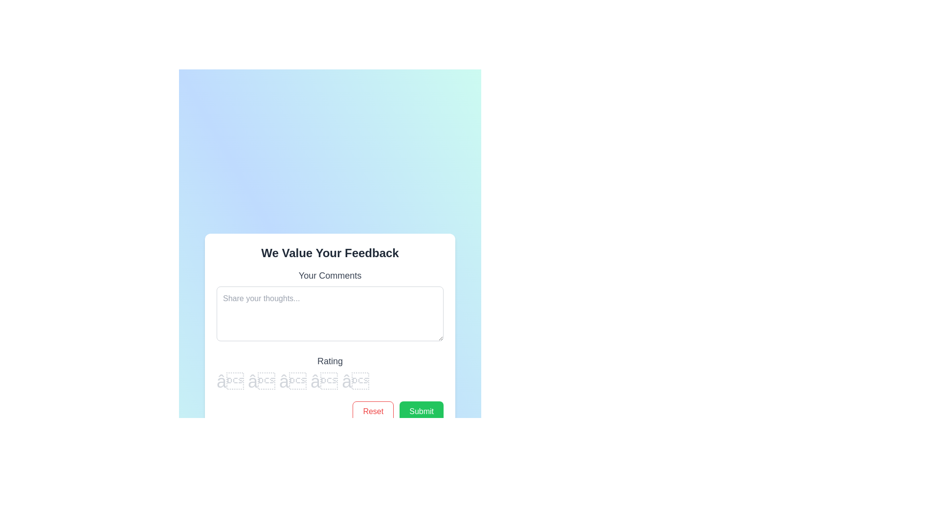 This screenshot has height=528, width=939. Describe the element at coordinates (373, 411) in the screenshot. I see `the 'Reset' button, which has a white background with a red border and text, located at the bottom-right of the feedback form interface` at that location.